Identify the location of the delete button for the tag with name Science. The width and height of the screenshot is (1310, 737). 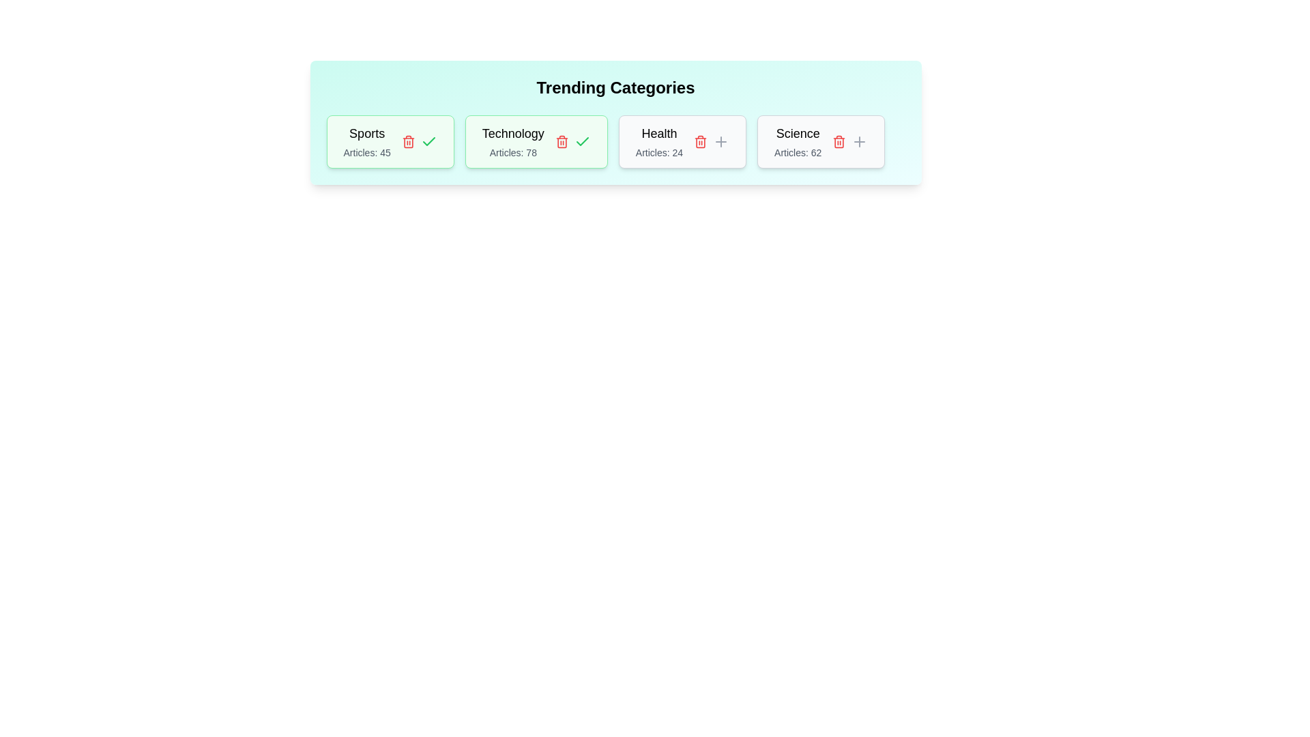
(839, 142).